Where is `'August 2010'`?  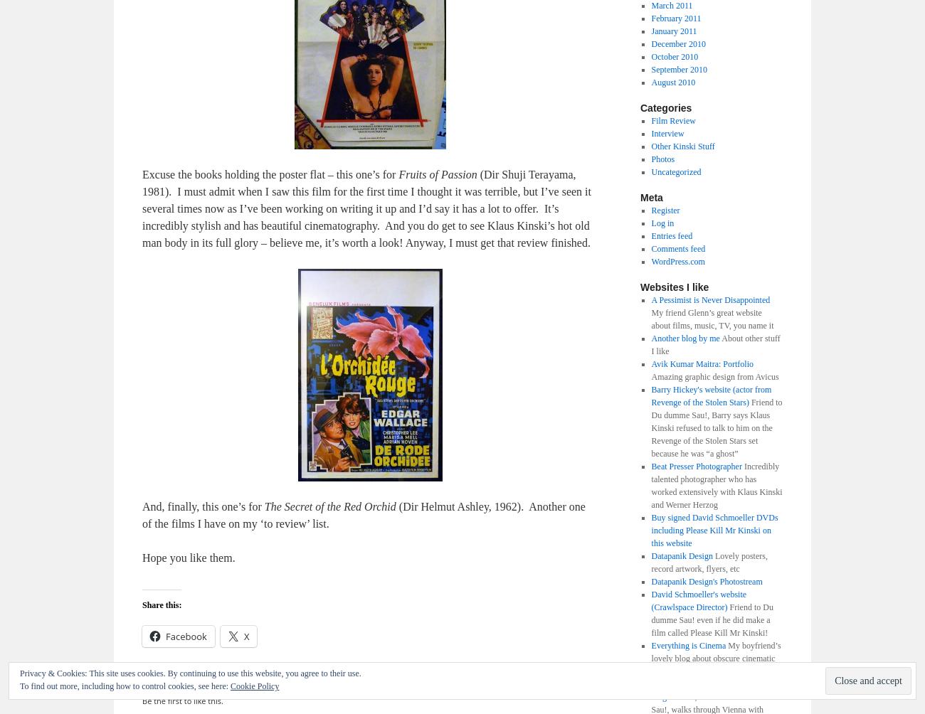 'August 2010' is located at coordinates (673, 82).